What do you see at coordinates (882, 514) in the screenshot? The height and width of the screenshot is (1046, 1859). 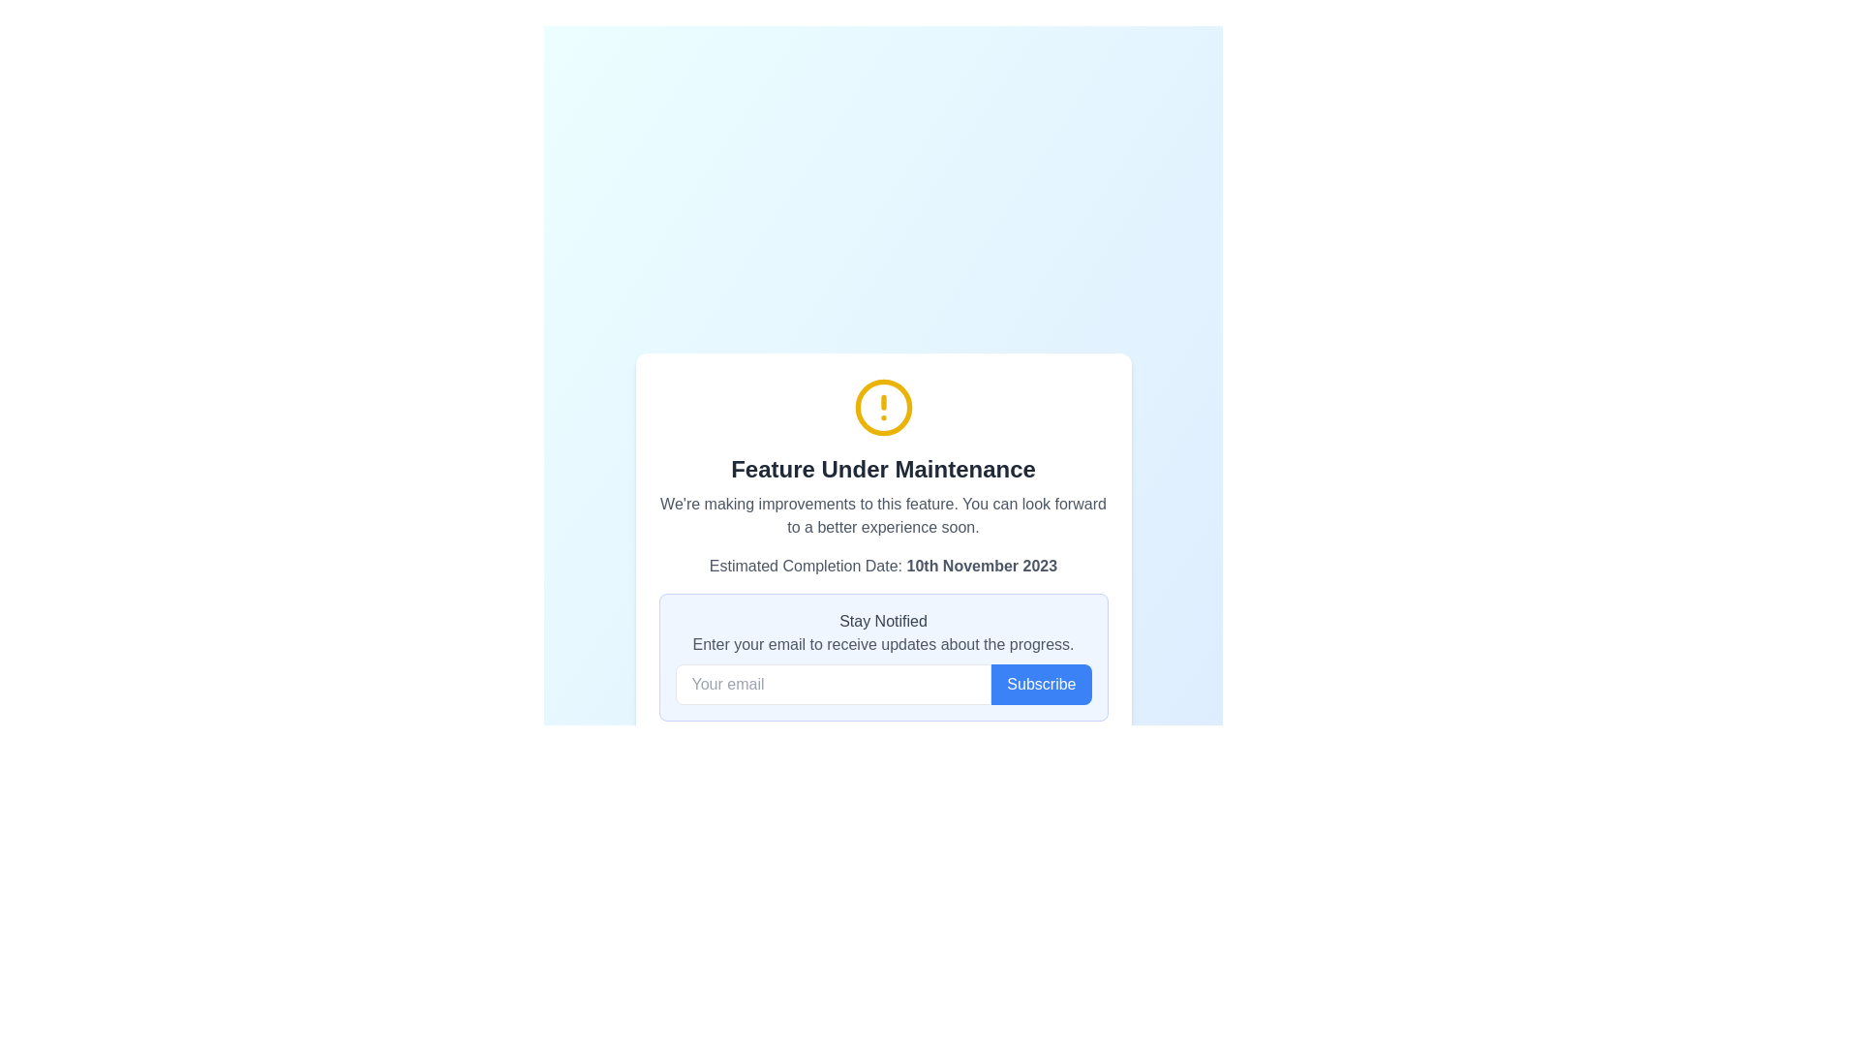 I see `the paragraph of gray text displayed in a smaller font size, positioned below the 'Feature Under Maintenance' heading and above the 'Estimated Completion Date: 10th November 2023'` at bounding box center [882, 514].